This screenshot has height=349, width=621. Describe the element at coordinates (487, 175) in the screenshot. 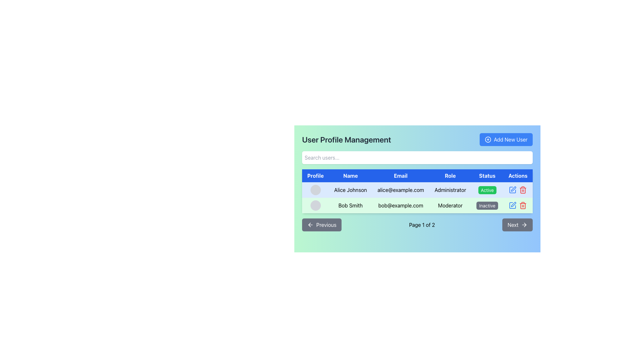

I see `the bold text label 'Status' which is styled with white text on a blue background and is the fifth column header in the 'User Profile Management' table` at that location.